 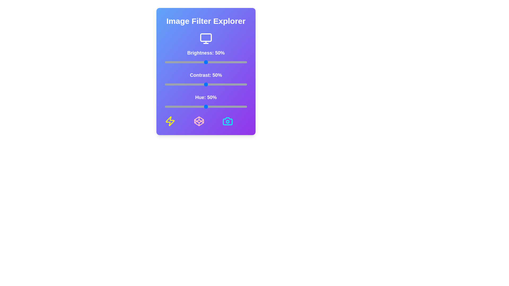 I want to click on the contrast slider to 63%, so click(x=217, y=84).